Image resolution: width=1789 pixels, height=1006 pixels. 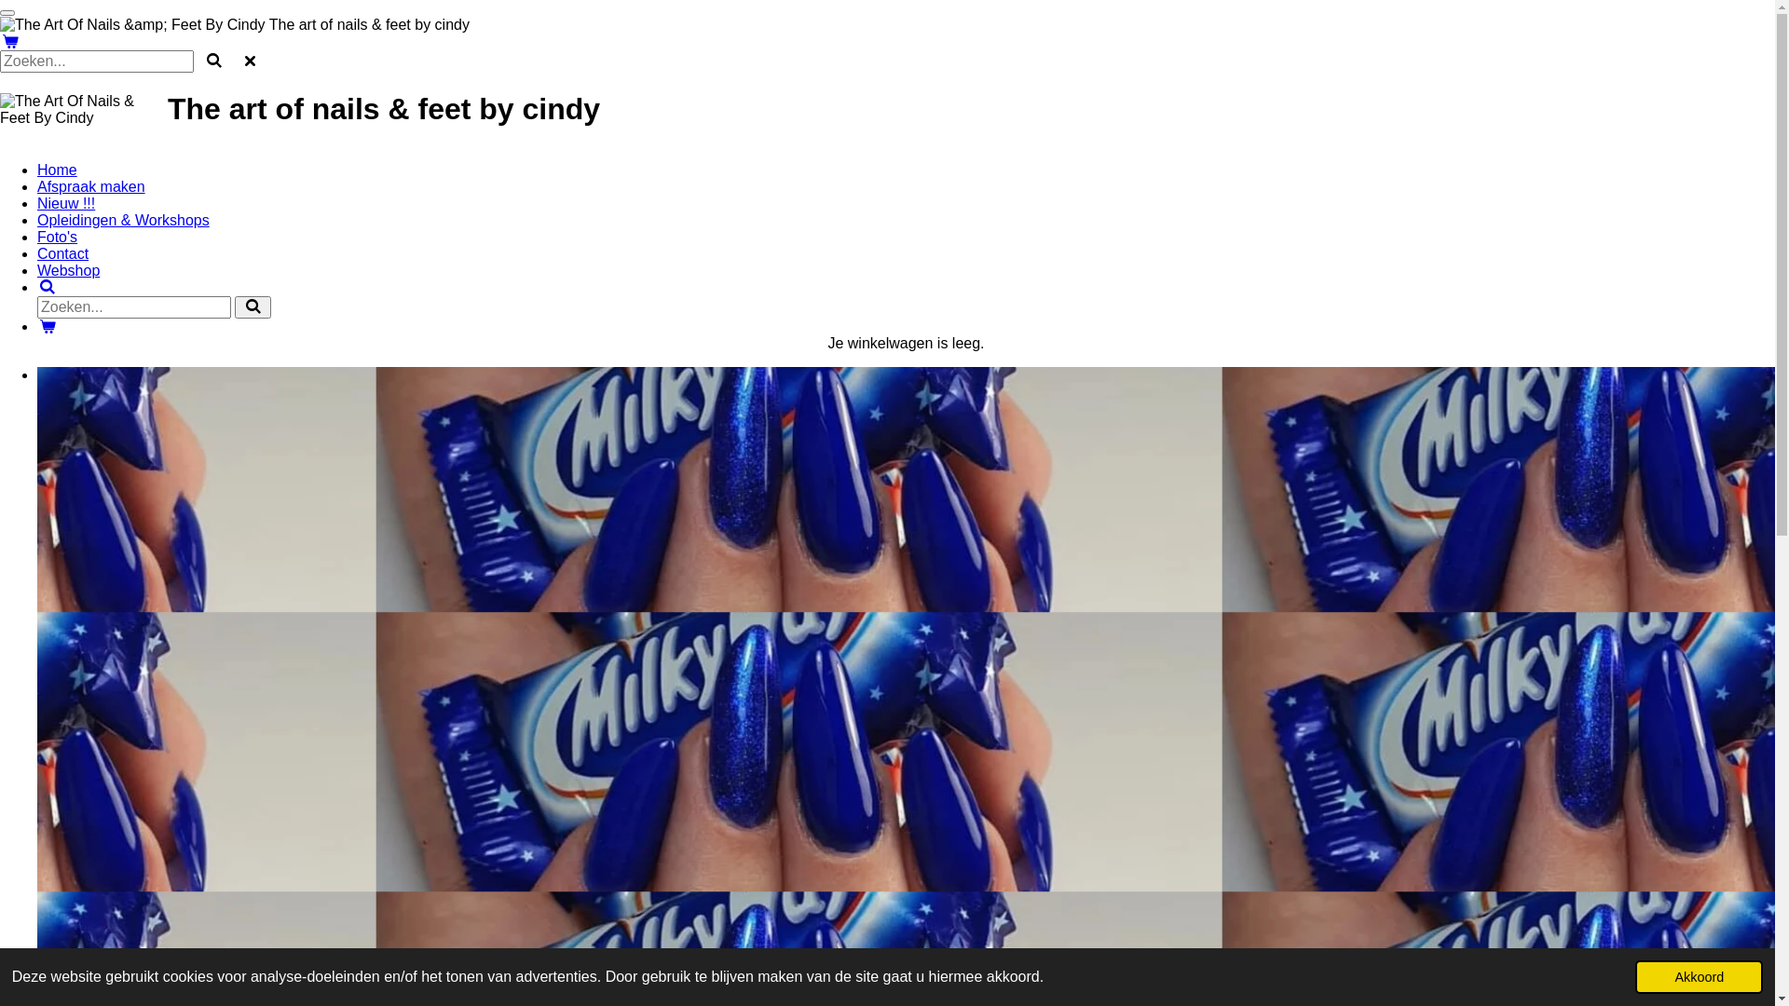 I want to click on 'Home', so click(x=57, y=170).